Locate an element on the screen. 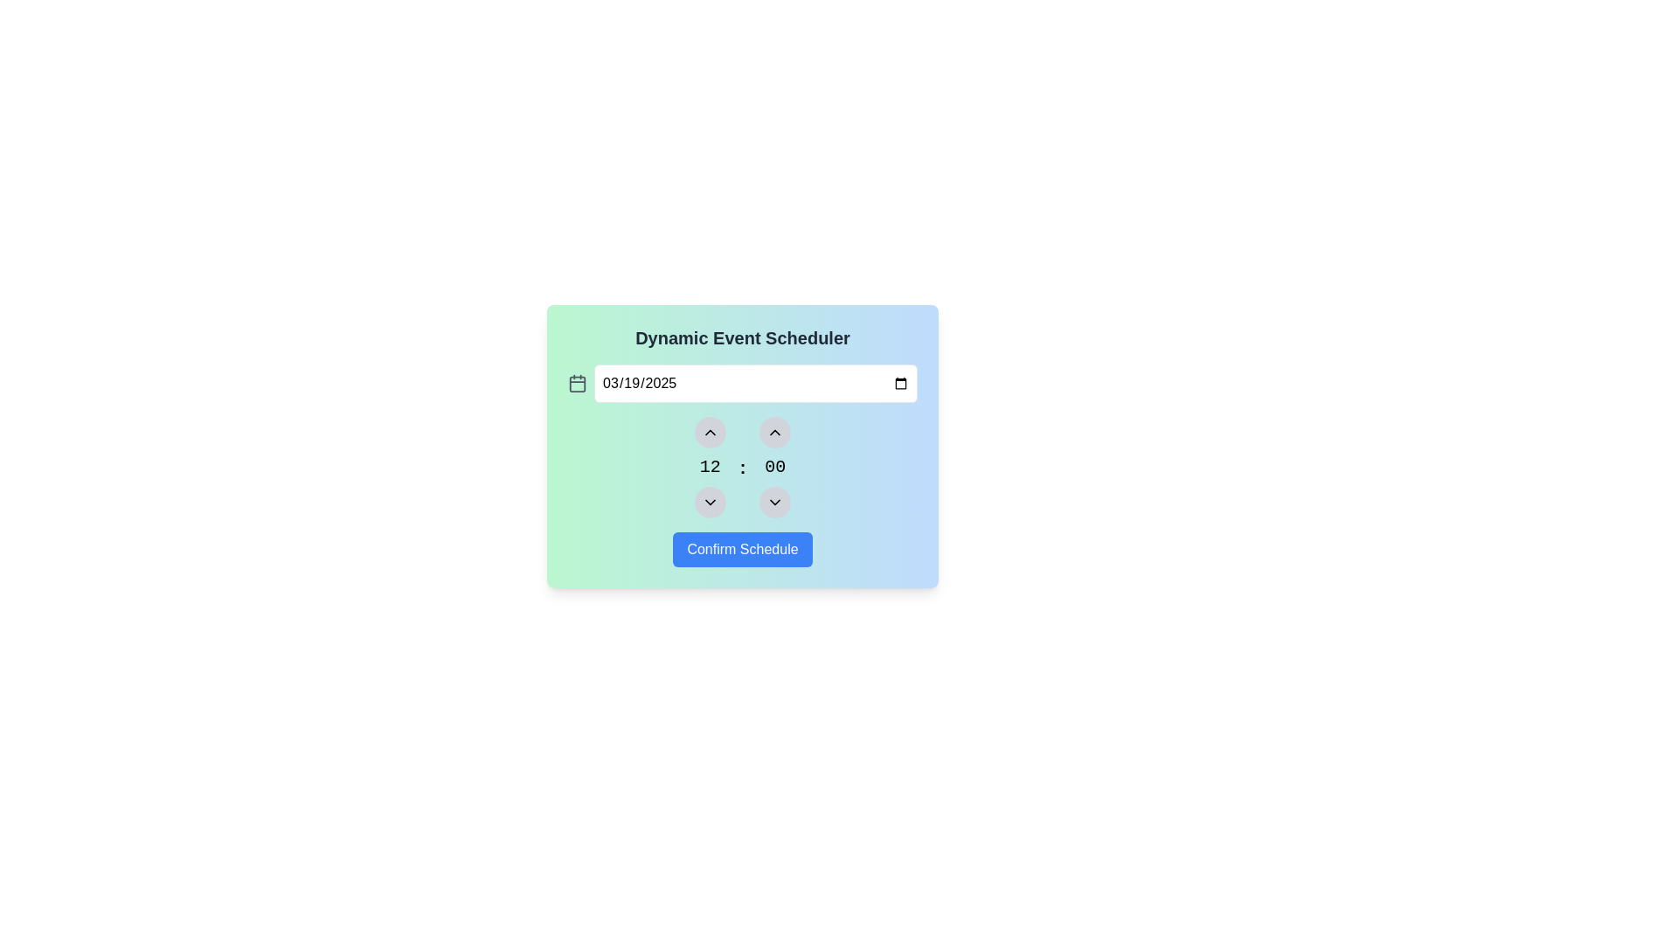 The width and height of the screenshot is (1678, 944). the chevron icon located at the bottom center of the interface is located at coordinates (774, 502).